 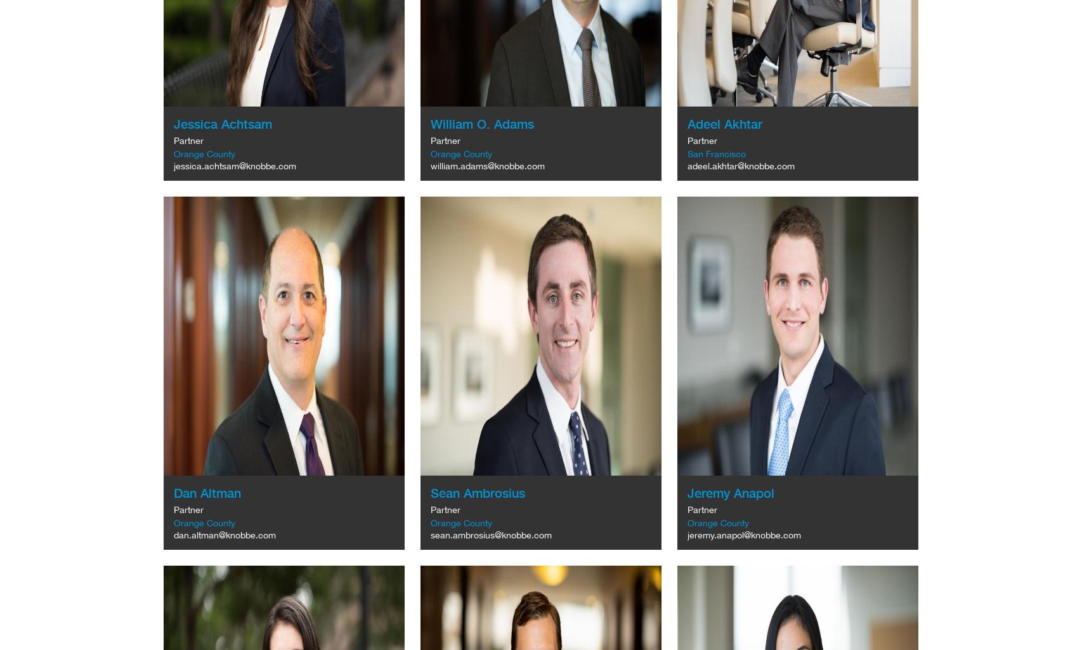 I want to click on 'dan.altman@knobbe.com', so click(x=225, y=535).